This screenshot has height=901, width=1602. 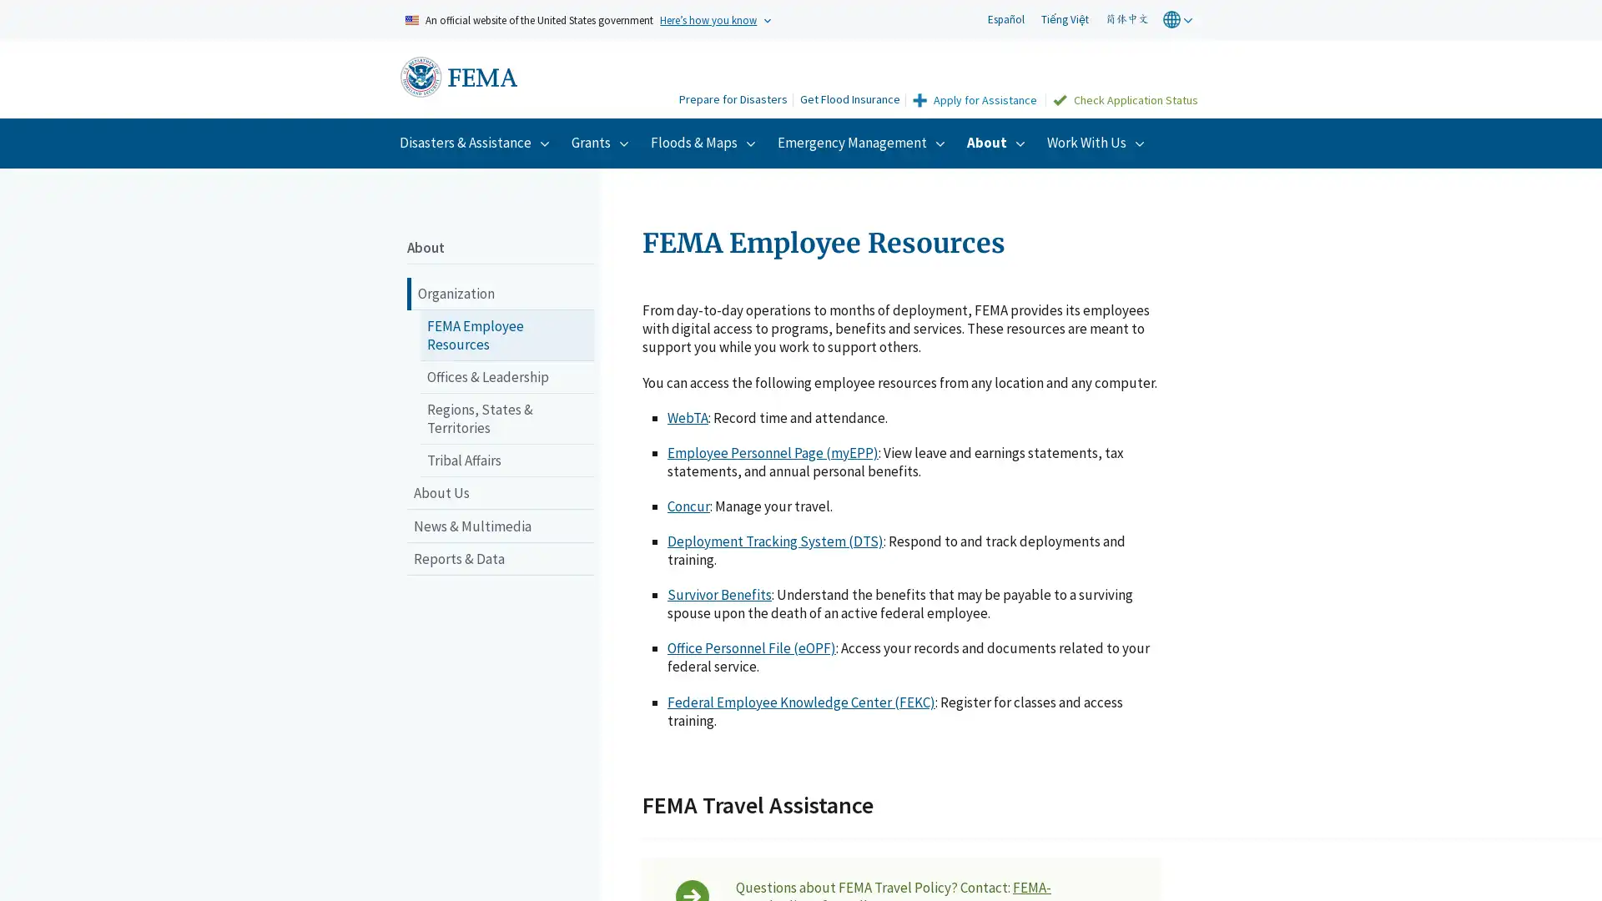 What do you see at coordinates (649, 80) in the screenshot?
I see `Search` at bounding box center [649, 80].